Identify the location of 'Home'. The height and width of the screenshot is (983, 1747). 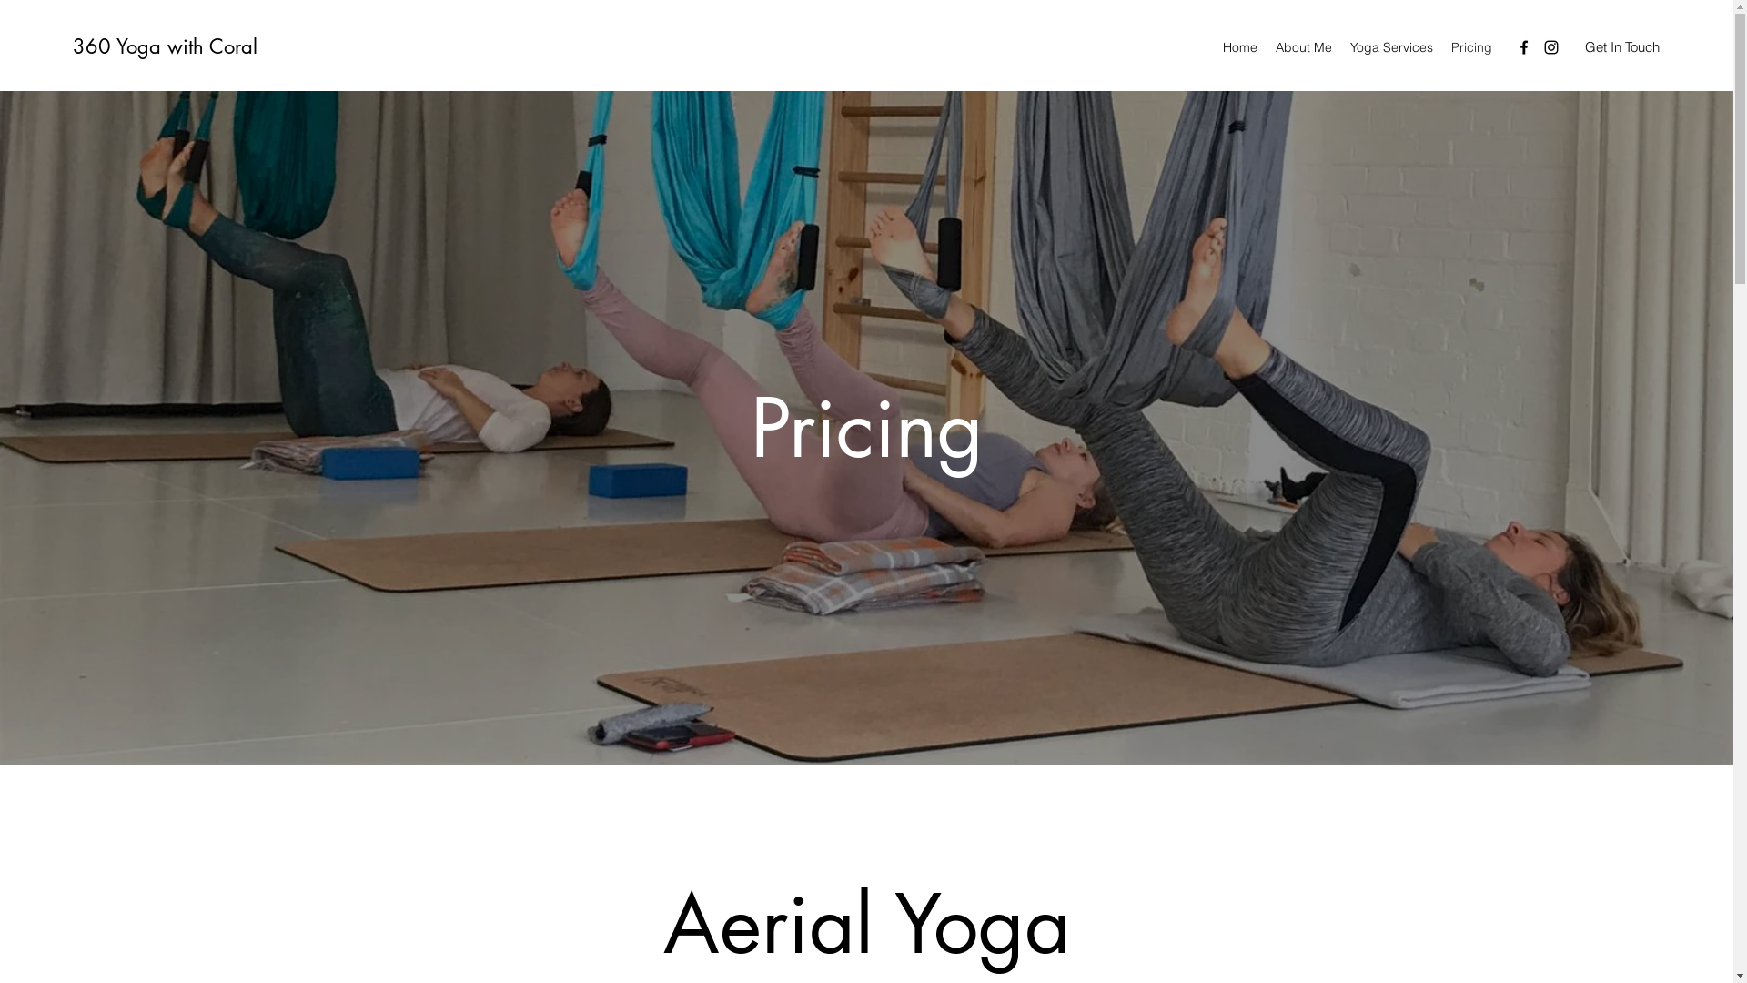
(1239, 46).